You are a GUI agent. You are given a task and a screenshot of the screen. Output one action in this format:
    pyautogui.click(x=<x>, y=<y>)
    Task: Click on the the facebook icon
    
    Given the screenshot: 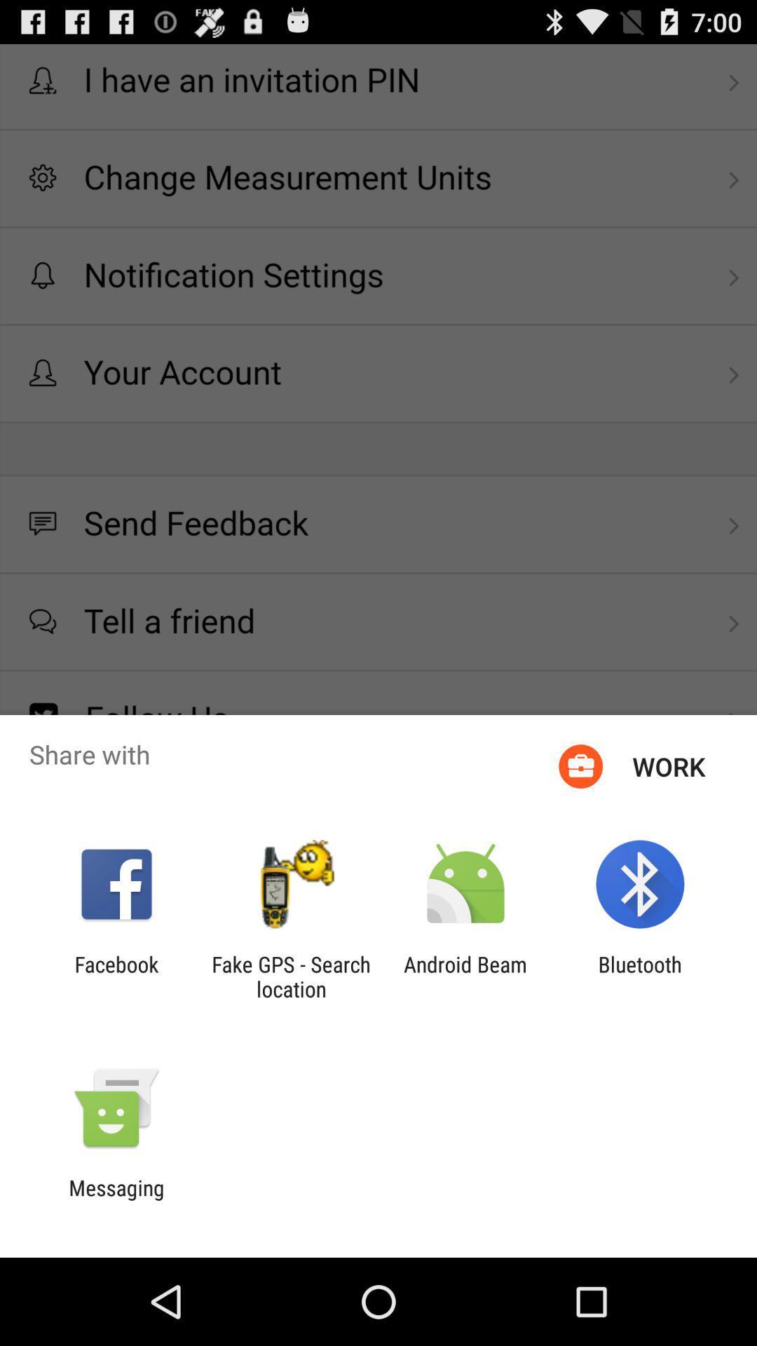 What is the action you would take?
    pyautogui.click(x=116, y=976)
    